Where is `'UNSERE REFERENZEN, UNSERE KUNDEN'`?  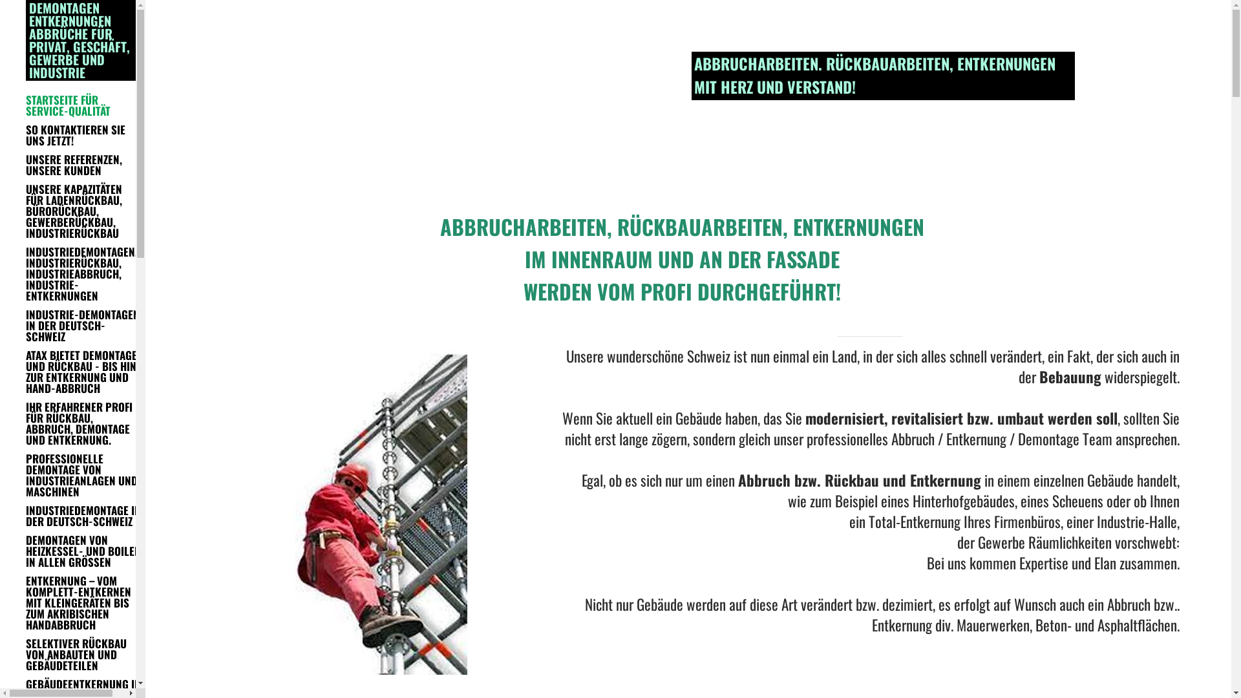 'UNSERE REFERENZEN, UNSERE KUNDEN' is located at coordinates (83, 164).